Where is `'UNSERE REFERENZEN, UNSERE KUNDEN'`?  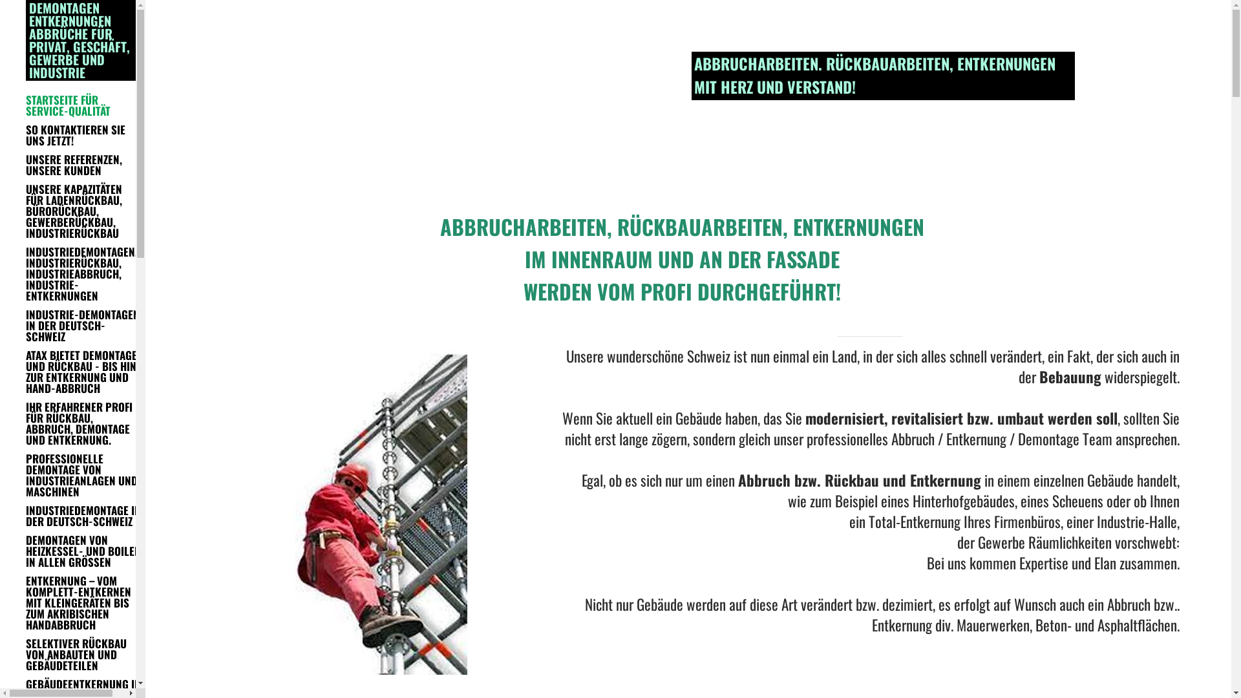 'UNSERE REFERENZEN, UNSERE KUNDEN' is located at coordinates (83, 164).